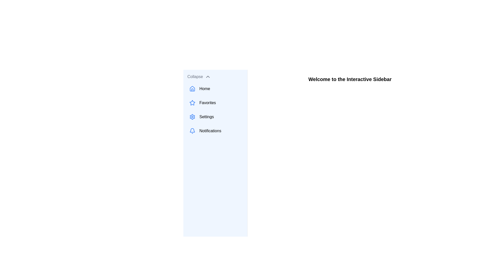 Image resolution: width=481 pixels, height=271 pixels. Describe the element at coordinates (207, 102) in the screenshot. I see `the 'Favorites' text label in the vertical sidebar, which is positioned directly to the right of the star icon and below the 'Home' entry` at that location.